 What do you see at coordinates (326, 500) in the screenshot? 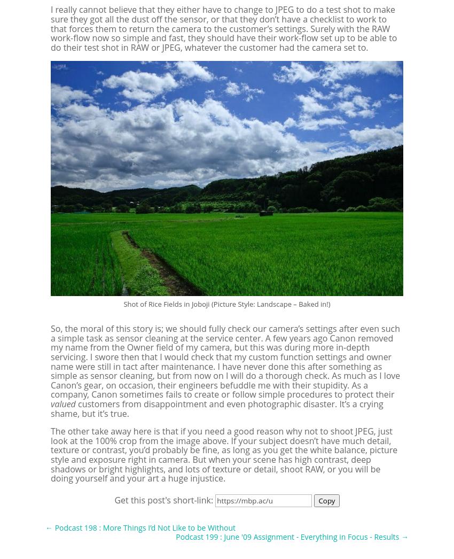
I see `'Copy'` at bounding box center [326, 500].